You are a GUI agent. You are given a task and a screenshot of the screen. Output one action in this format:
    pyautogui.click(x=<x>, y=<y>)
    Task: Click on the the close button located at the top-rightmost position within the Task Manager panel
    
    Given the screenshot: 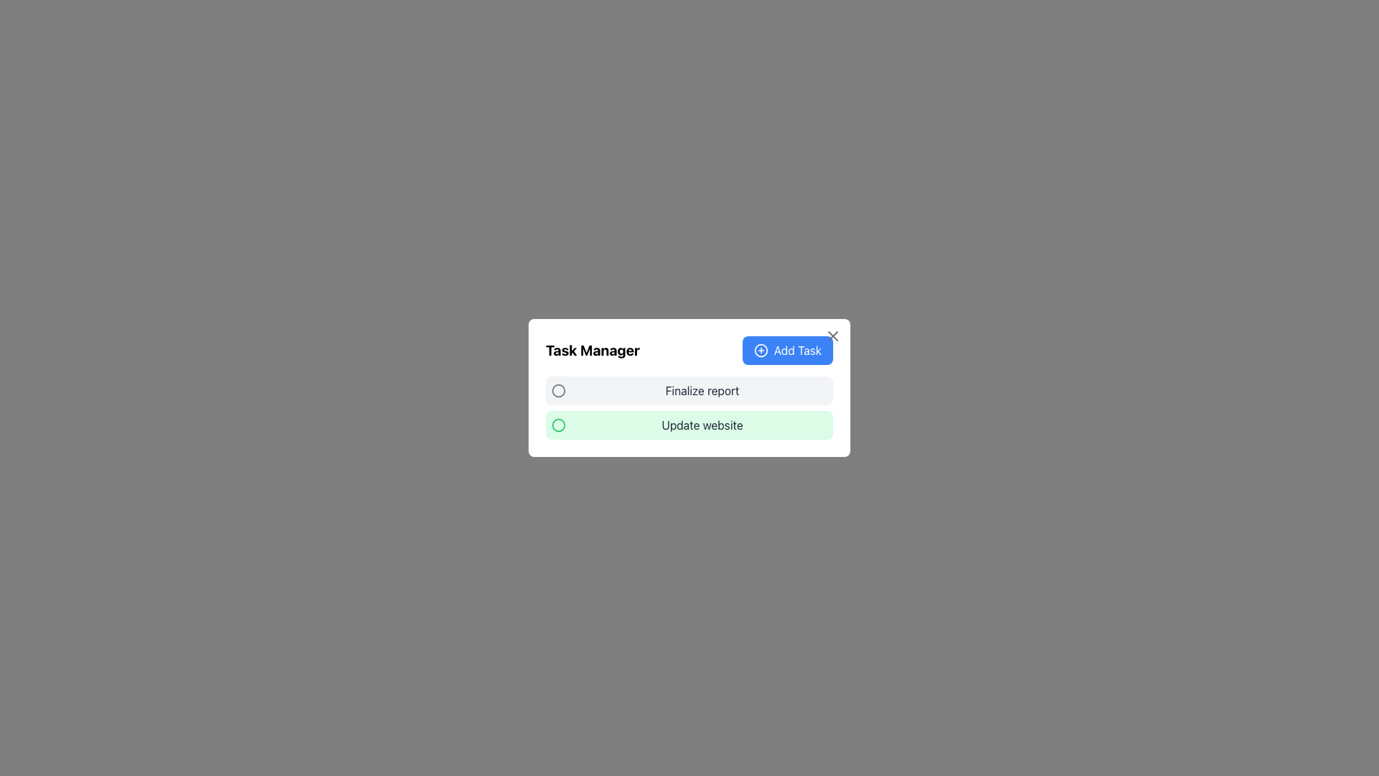 What is the action you would take?
    pyautogui.click(x=833, y=336)
    